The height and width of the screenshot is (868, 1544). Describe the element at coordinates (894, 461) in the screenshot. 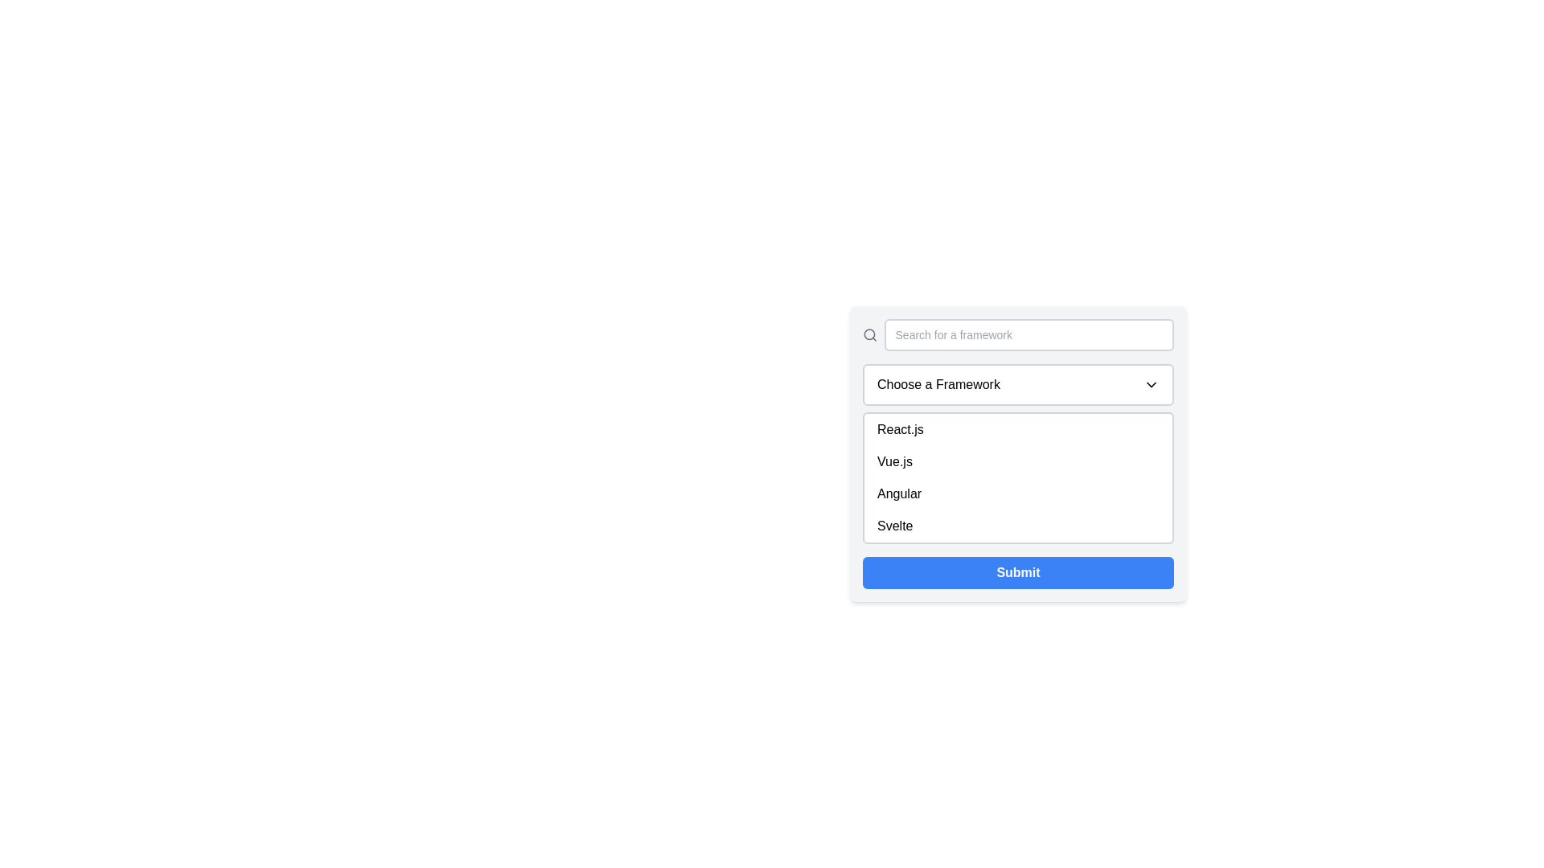

I see `the 'Vue.js' text item in the dropdown list` at that location.